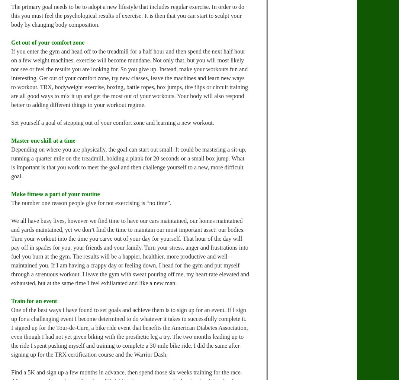 This screenshot has width=399, height=380. I want to click on 'The number one reason people give for not exercising is “no time”.', so click(90, 202).